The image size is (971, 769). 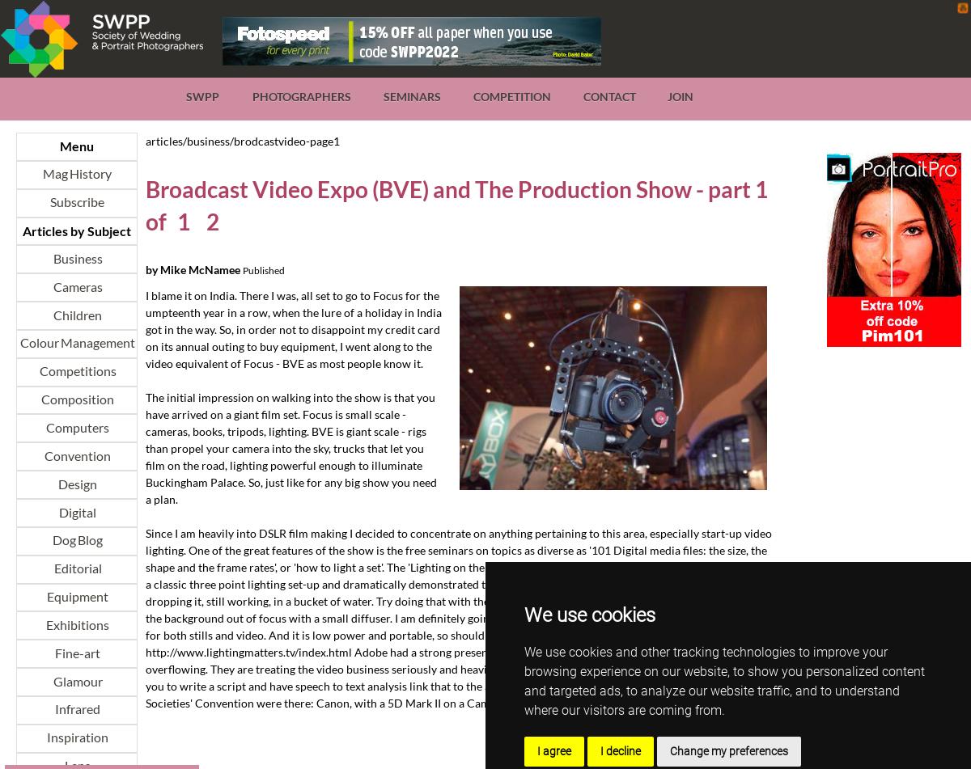 What do you see at coordinates (410, 96) in the screenshot?
I see `'Seminars'` at bounding box center [410, 96].